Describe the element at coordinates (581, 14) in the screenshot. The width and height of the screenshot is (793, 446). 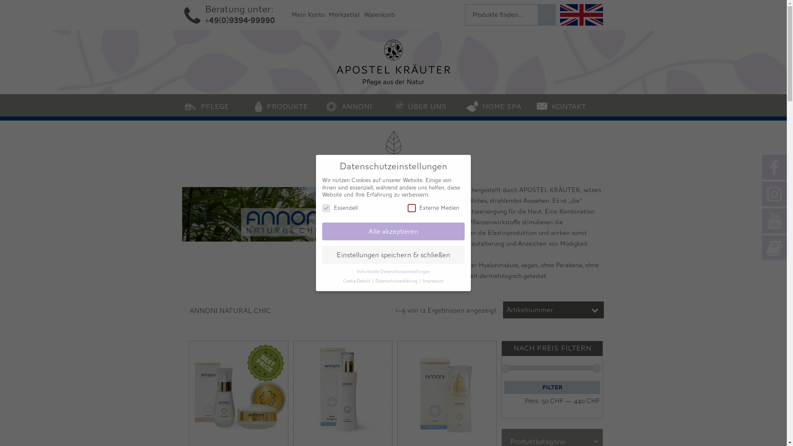
I see `'English site informations'` at that location.